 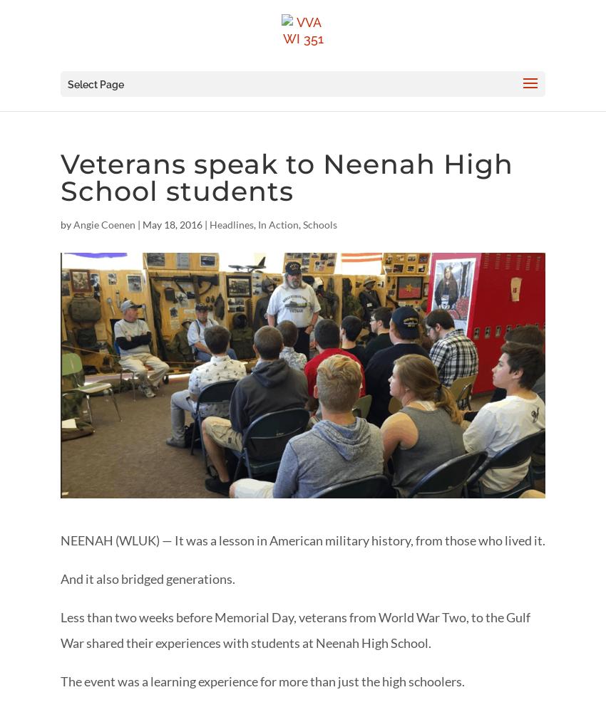 What do you see at coordinates (232, 224) in the screenshot?
I see `'Headlines'` at bounding box center [232, 224].